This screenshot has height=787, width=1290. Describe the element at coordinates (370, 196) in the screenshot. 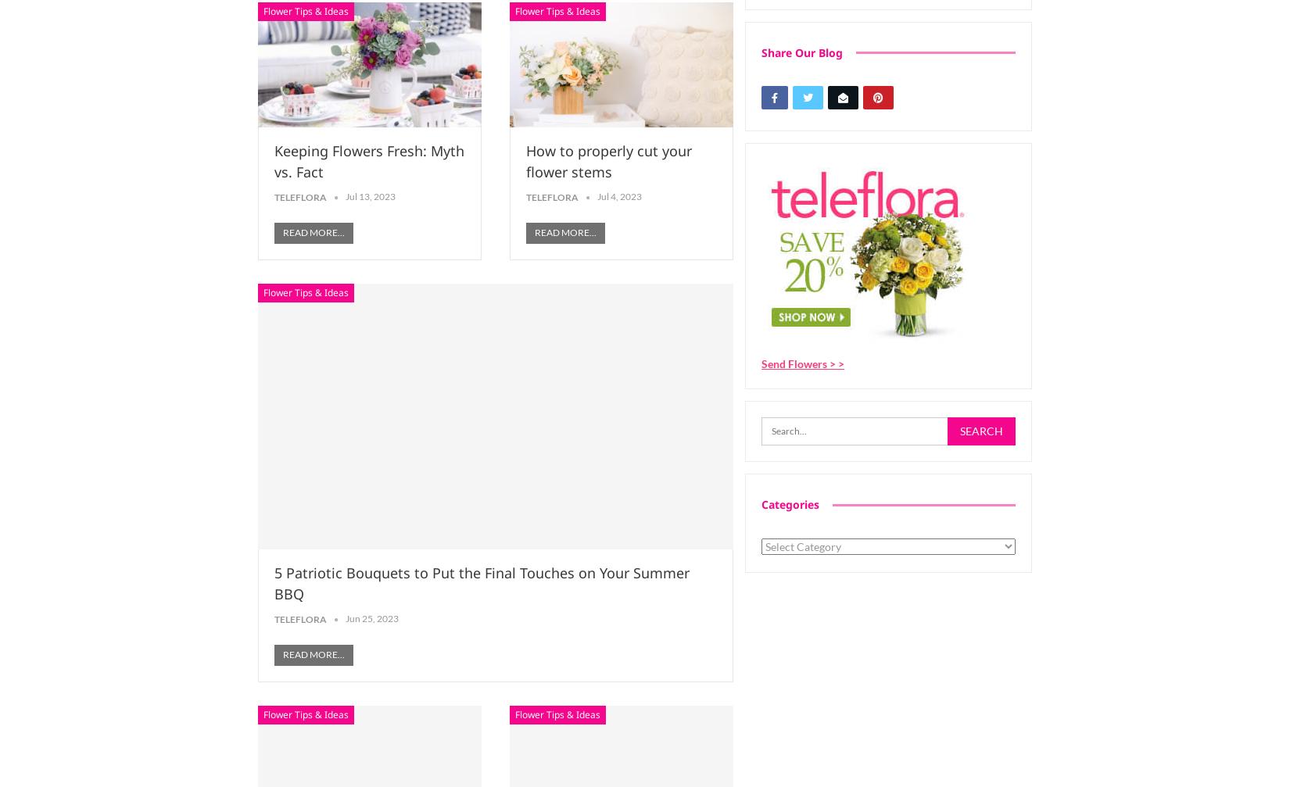

I see `'Jul 13, 2023'` at that location.